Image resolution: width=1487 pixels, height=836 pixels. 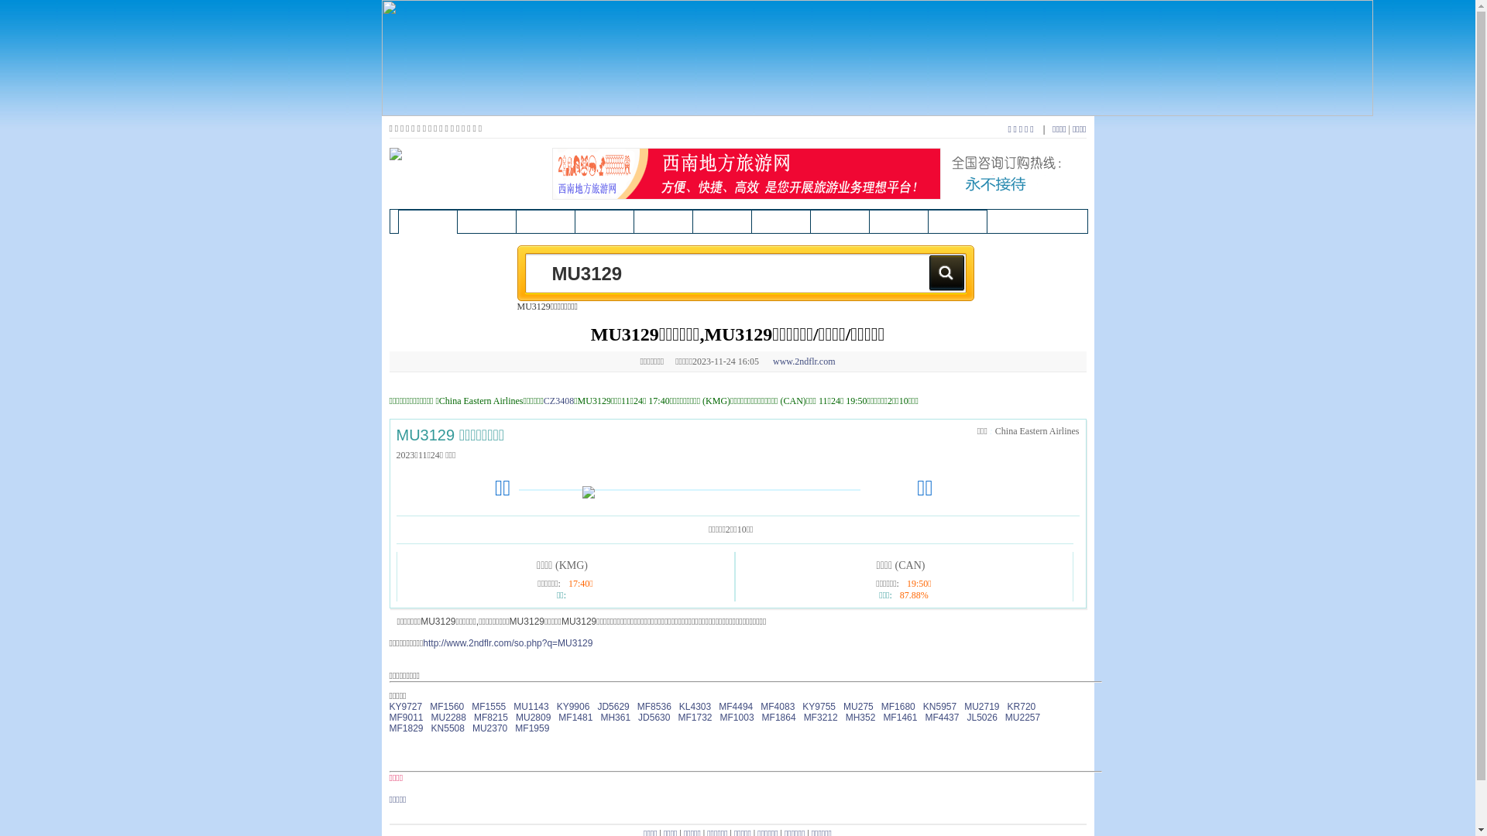 I want to click on 'MF1680', so click(x=881, y=707).